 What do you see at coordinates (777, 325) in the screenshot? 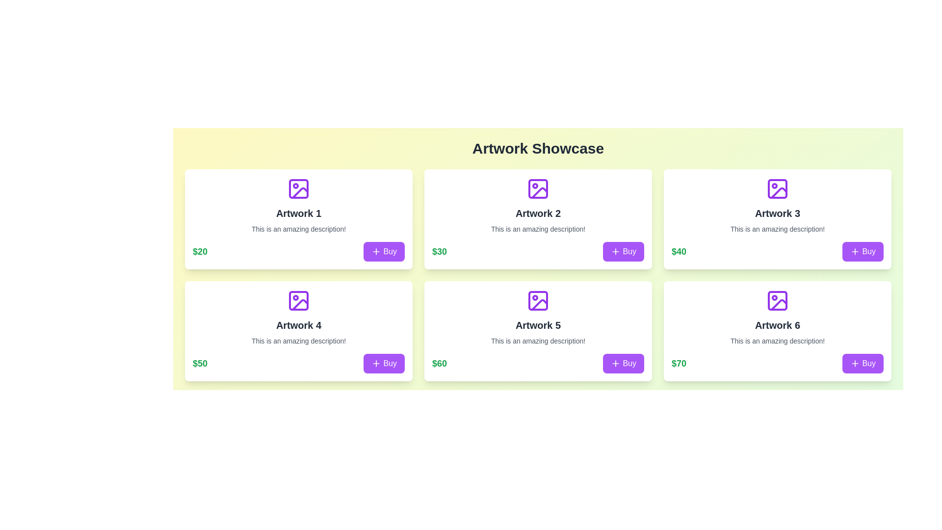
I see `the title text located in the bottom-right card of the 2x3 grid layout, which is positioned above the description text and pricing information` at bounding box center [777, 325].